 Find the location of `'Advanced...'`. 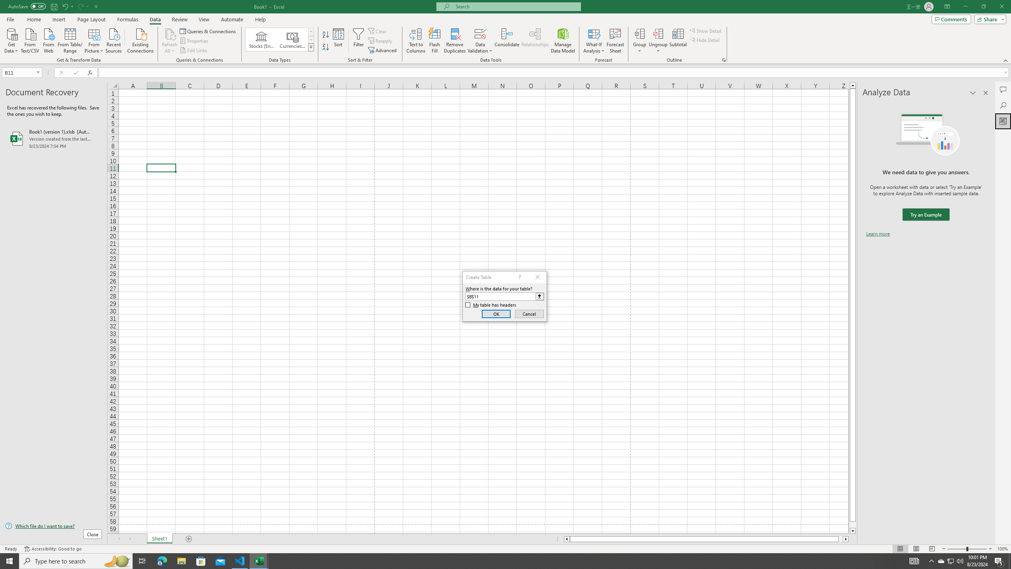

'Advanced...' is located at coordinates (383, 50).